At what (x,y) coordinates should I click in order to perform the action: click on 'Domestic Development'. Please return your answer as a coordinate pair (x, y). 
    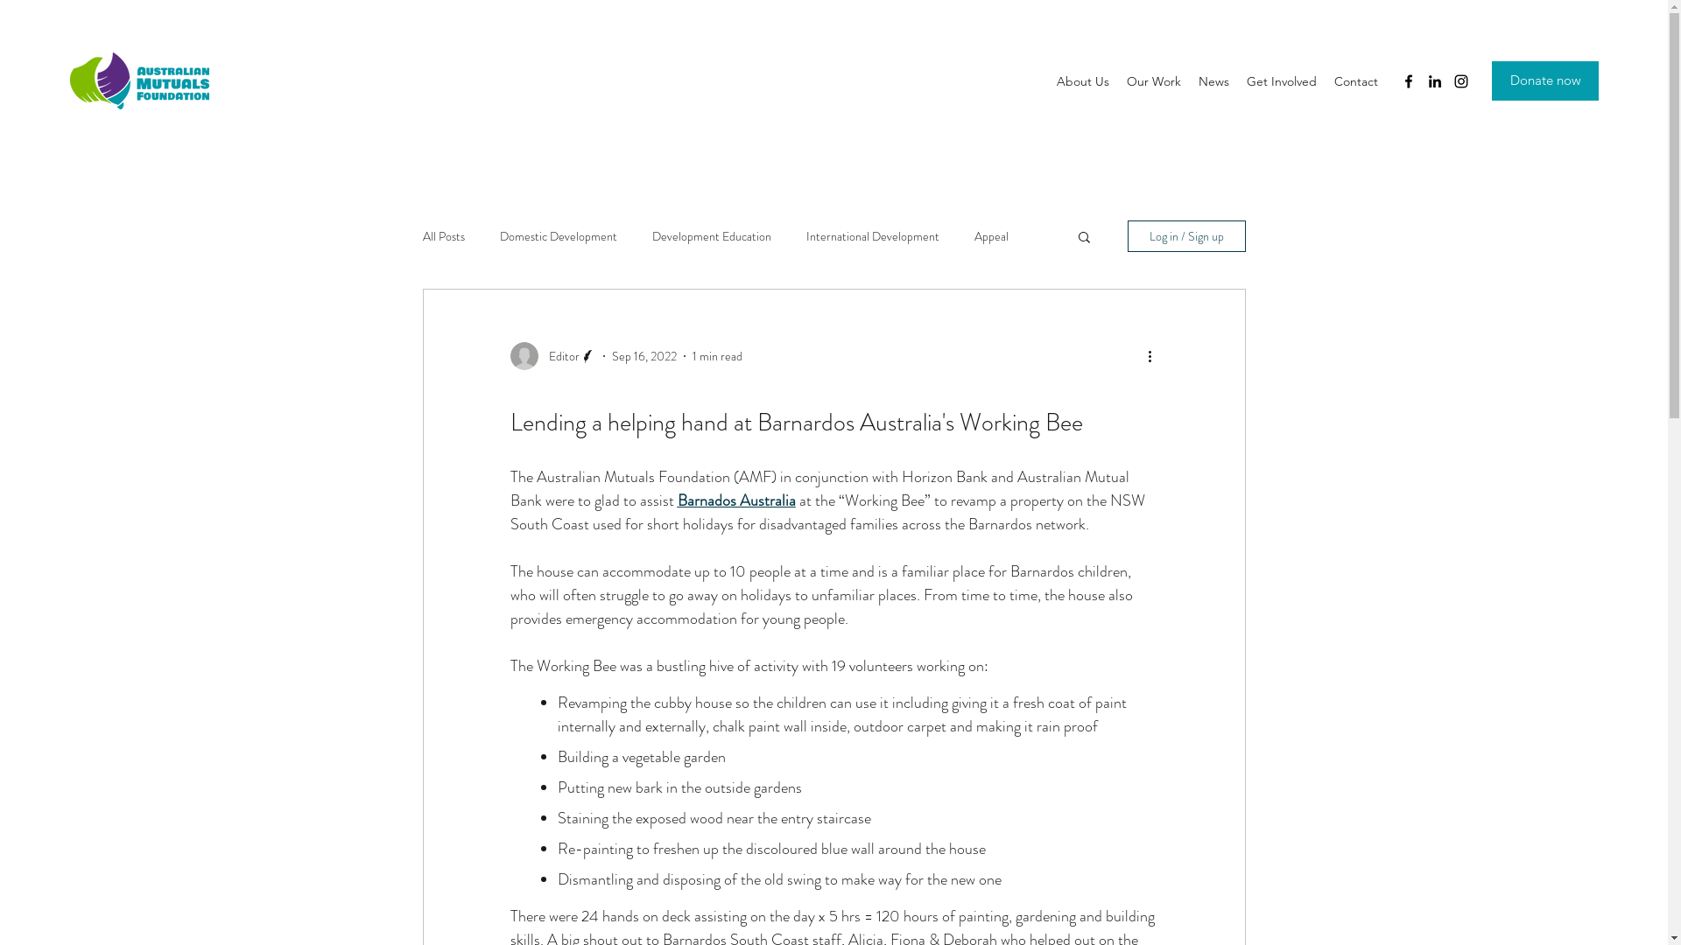
    Looking at the image, I should click on (498, 236).